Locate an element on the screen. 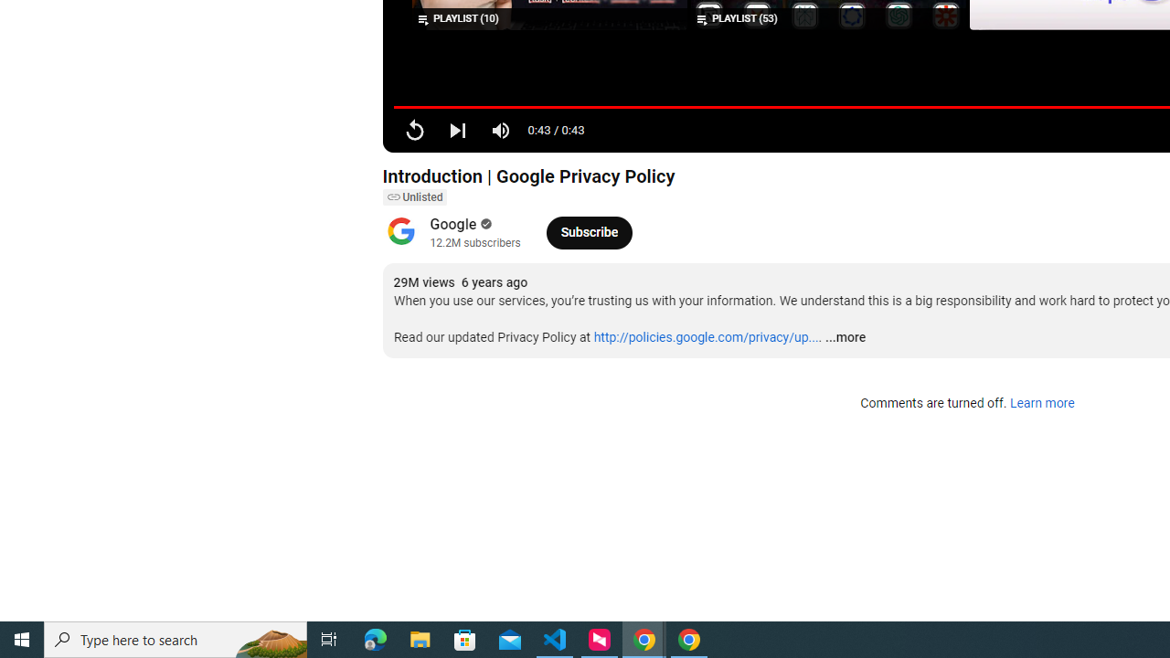 Image resolution: width=1170 pixels, height=658 pixels. 'Verified' is located at coordinates (484, 223).